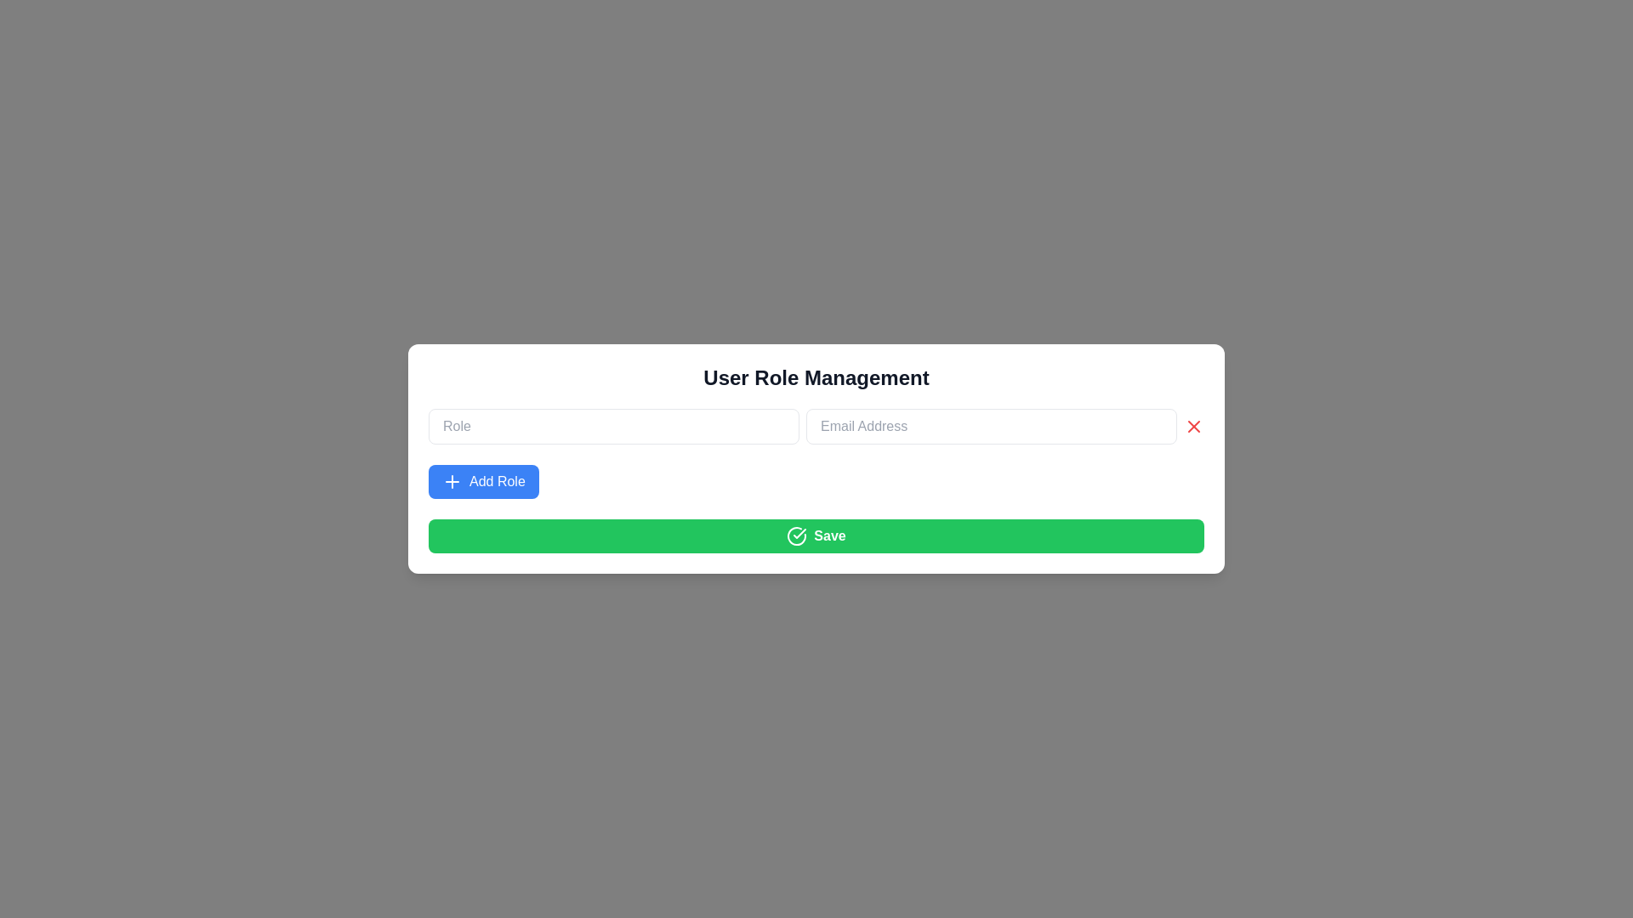  What do you see at coordinates (482, 482) in the screenshot?
I see `the 'Add Role' button located below the 'Role' text input field and above the green 'Save' button` at bounding box center [482, 482].